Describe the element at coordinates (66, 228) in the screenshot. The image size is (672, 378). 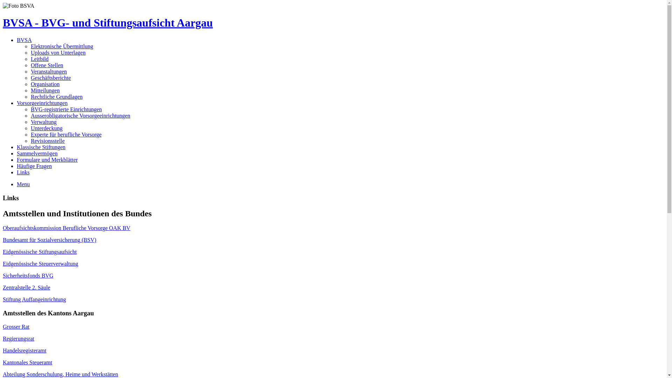
I see `'Oberaufsichtskommission Berufliche Vorsorge OAK BV'` at that location.